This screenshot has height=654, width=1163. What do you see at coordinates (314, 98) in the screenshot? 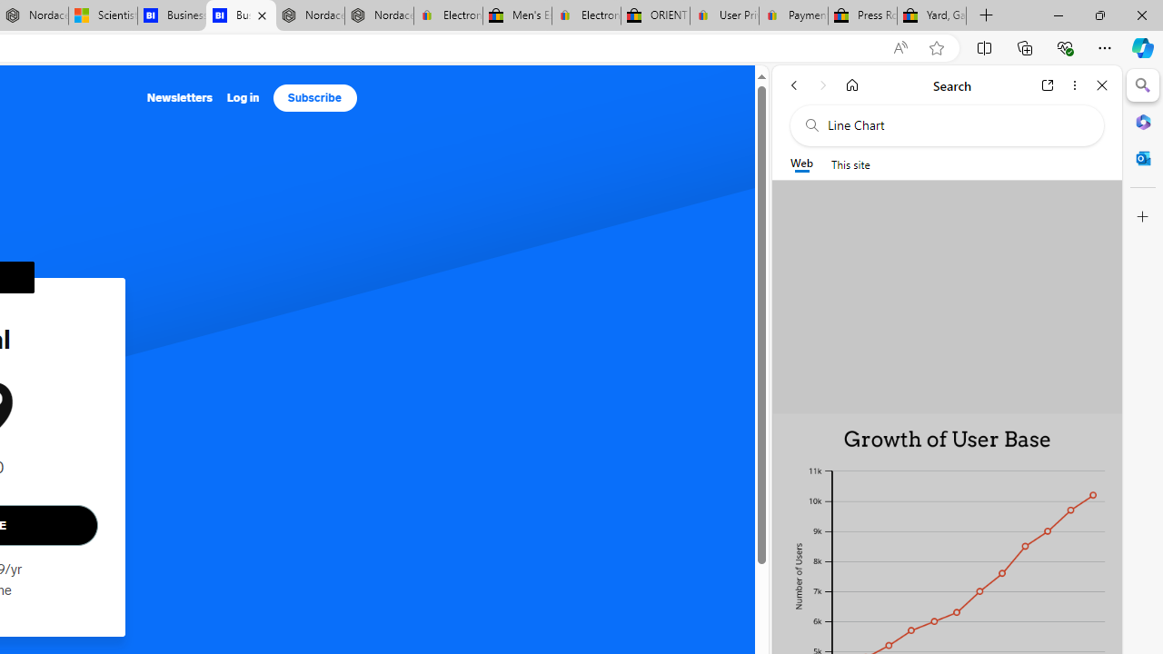
I see `'Subscribe'` at bounding box center [314, 98].